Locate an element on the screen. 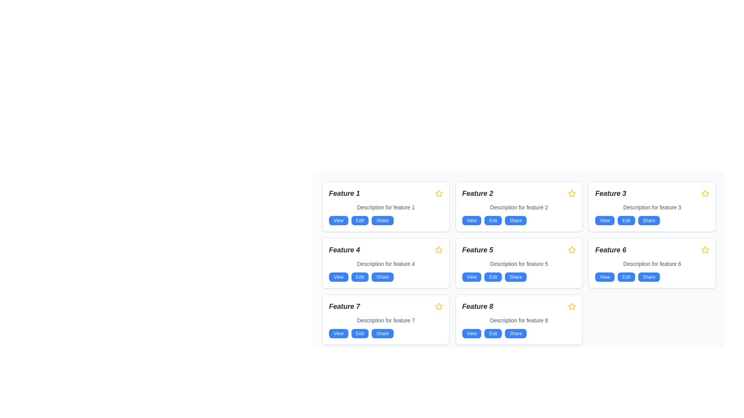 The image size is (744, 418). the Text Label that serves as the title of the card labeled 'Feature 8', which is positioned in the bottom-right card of the grid layout is located at coordinates (477, 306).